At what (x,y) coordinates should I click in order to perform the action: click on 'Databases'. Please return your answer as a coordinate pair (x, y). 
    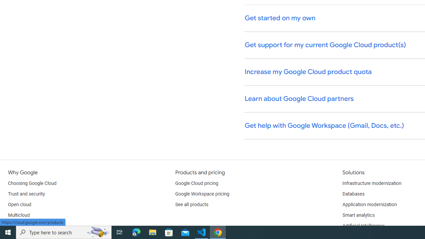
    Looking at the image, I should click on (353, 194).